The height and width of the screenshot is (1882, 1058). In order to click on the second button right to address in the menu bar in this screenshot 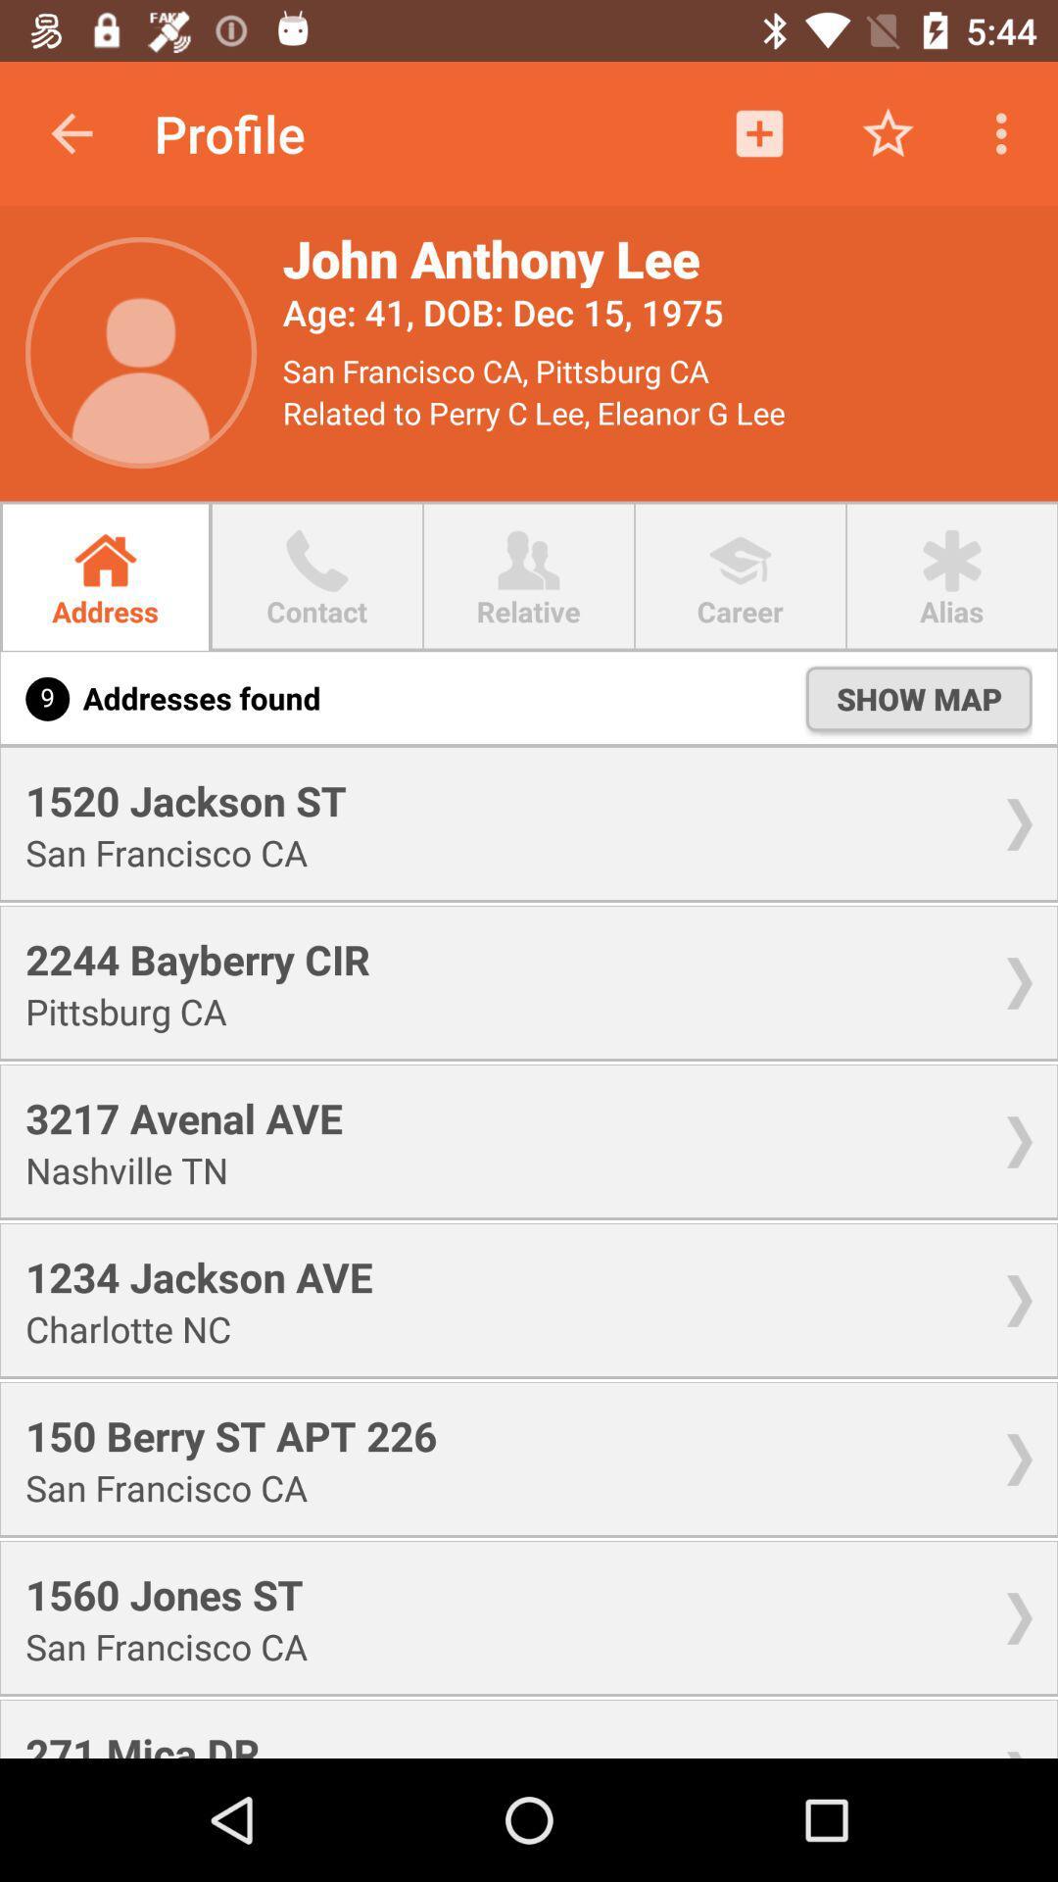, I will do `click(316, 575)`.